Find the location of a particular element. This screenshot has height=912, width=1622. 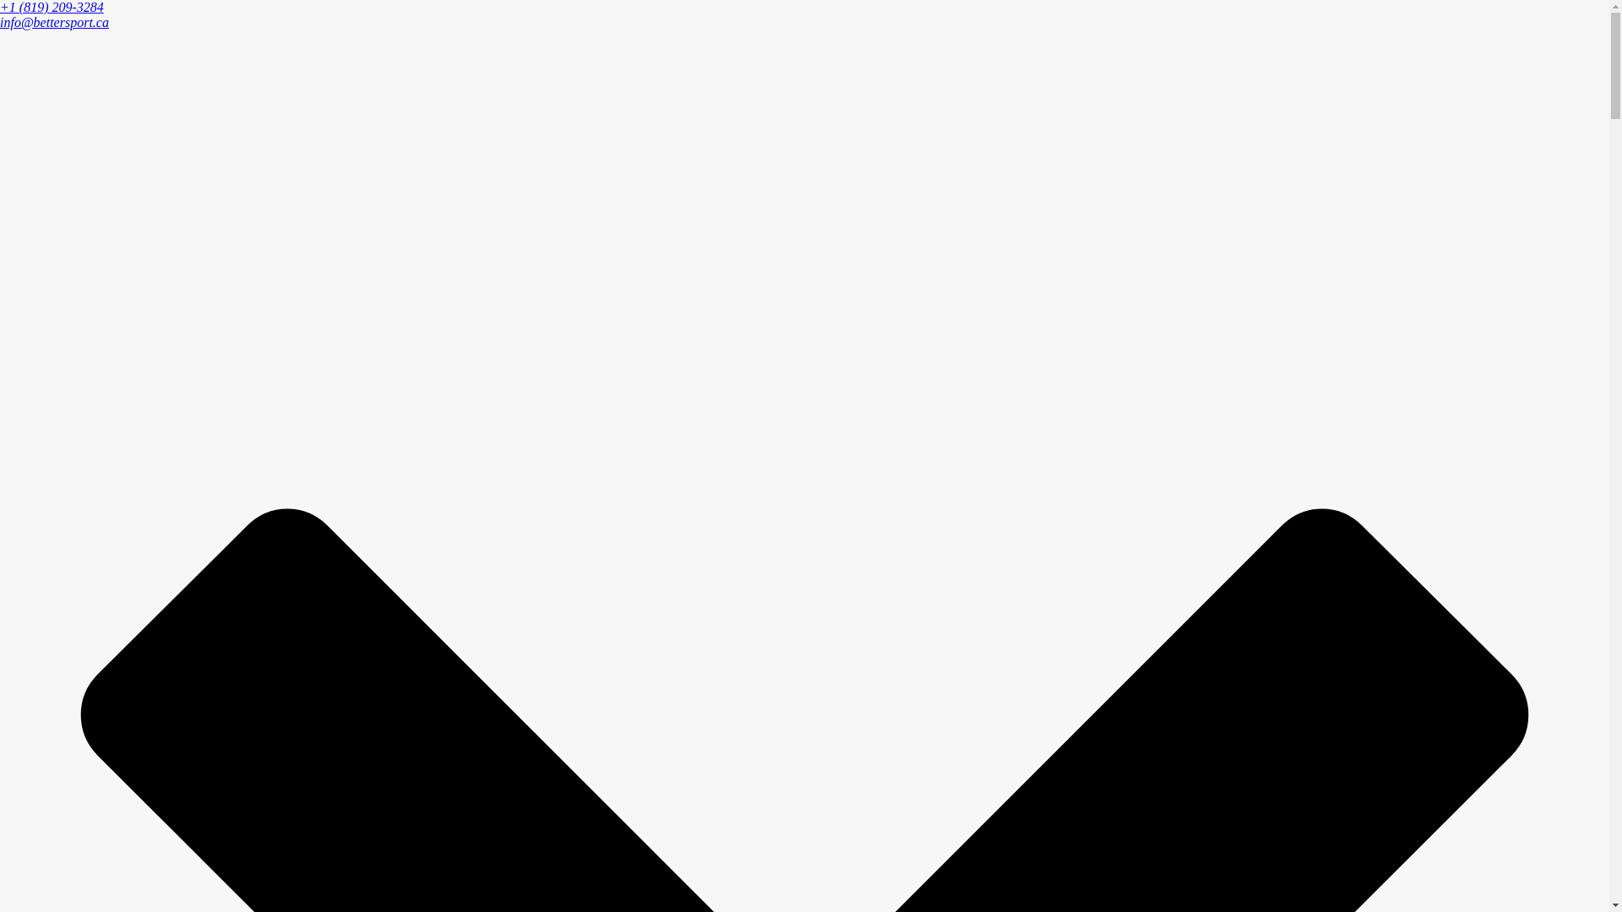

'info@bettersport.ca' is located at coordinates (0, 22).